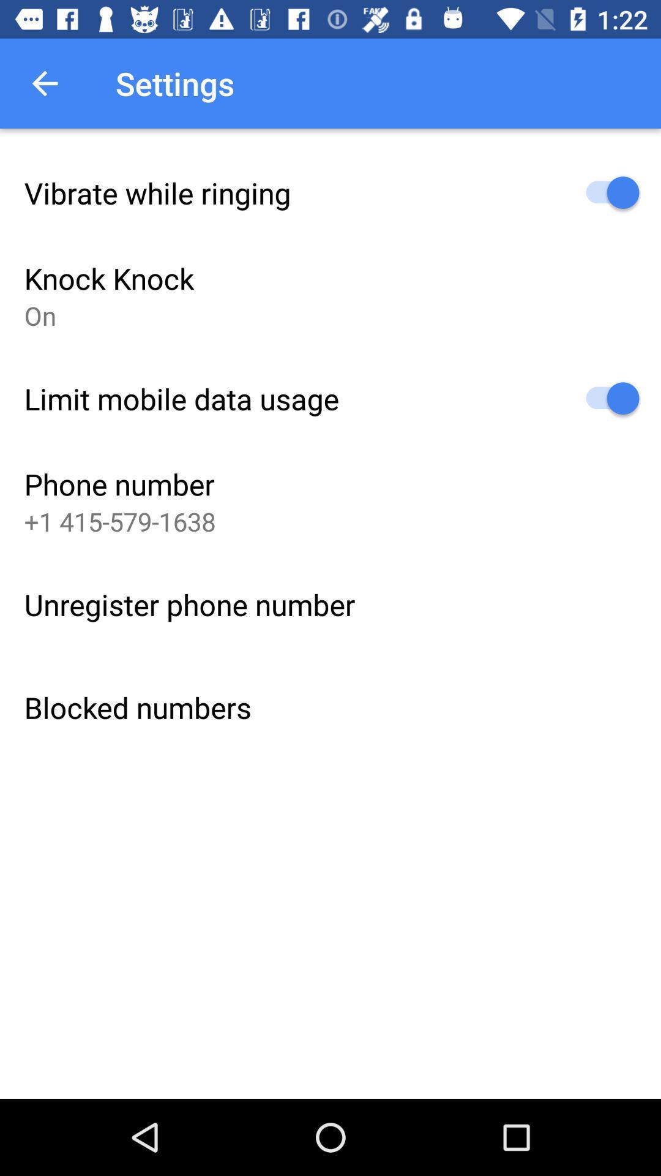  What do you see at coordinates (108, 277) in the screenshot?
I see `the icon below vibrate while ringing icon` at bounding box center [108, 277].